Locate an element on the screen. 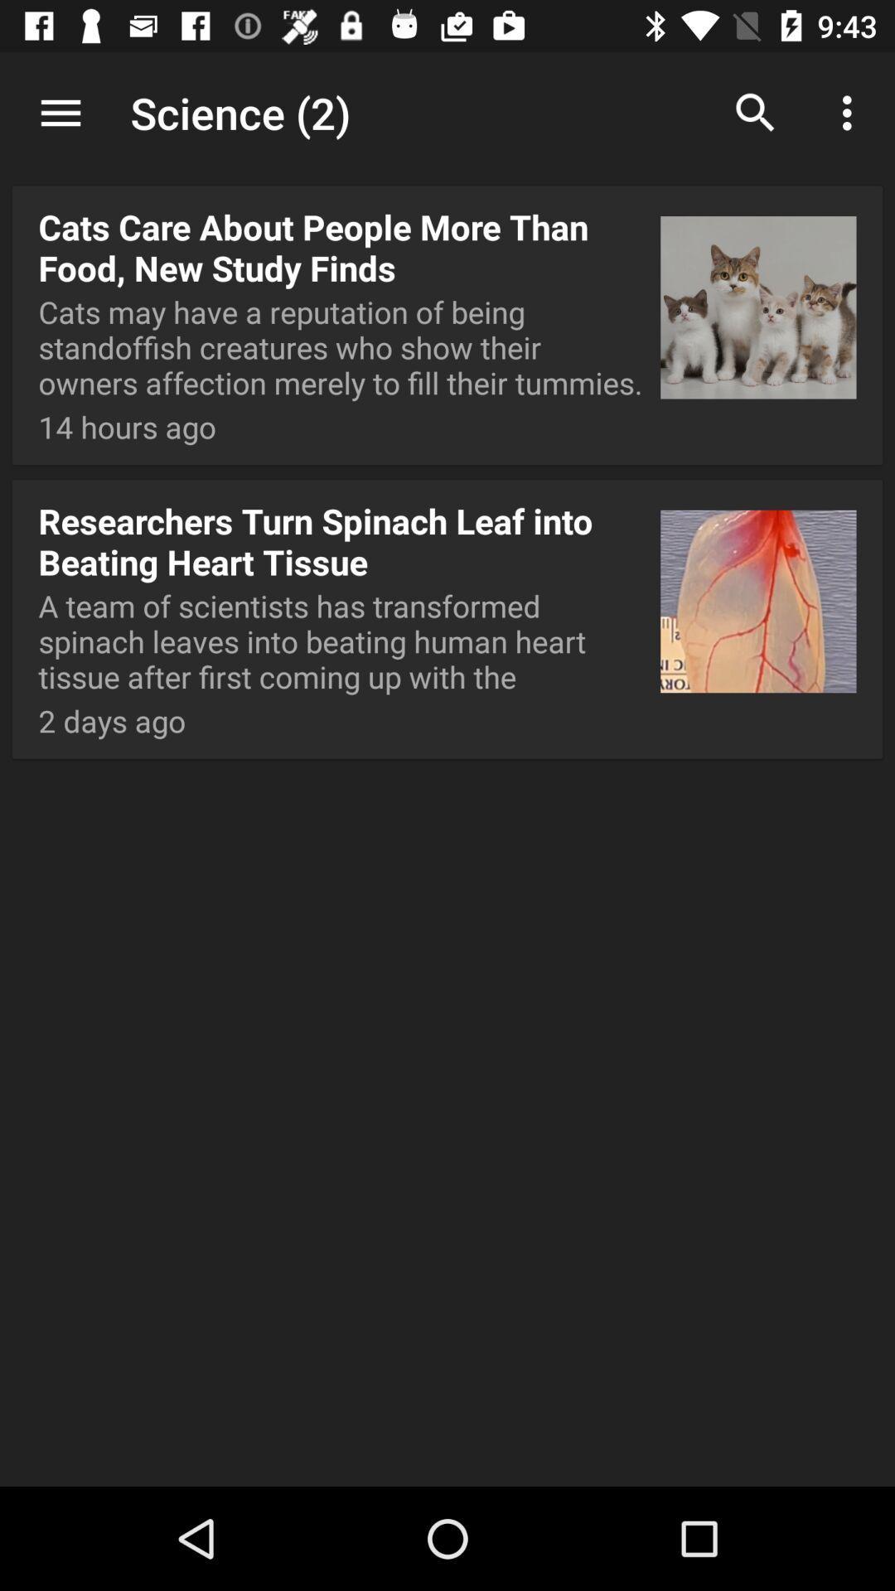  the item to the right of the science (2) icon is located at coordinates (755, 112).